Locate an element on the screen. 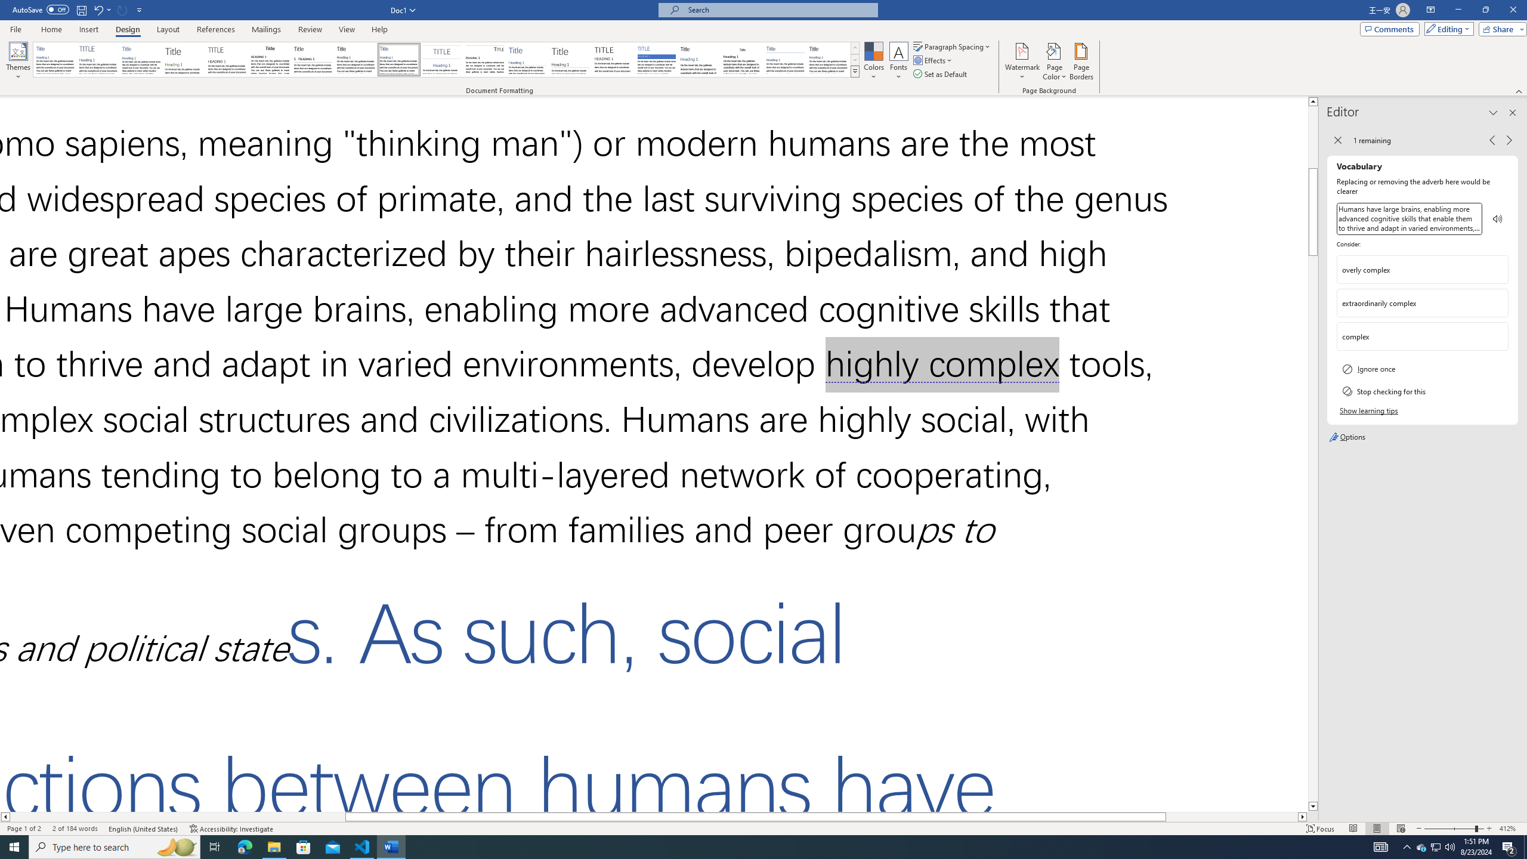  'Themes' is located at coordinates (17, 61).